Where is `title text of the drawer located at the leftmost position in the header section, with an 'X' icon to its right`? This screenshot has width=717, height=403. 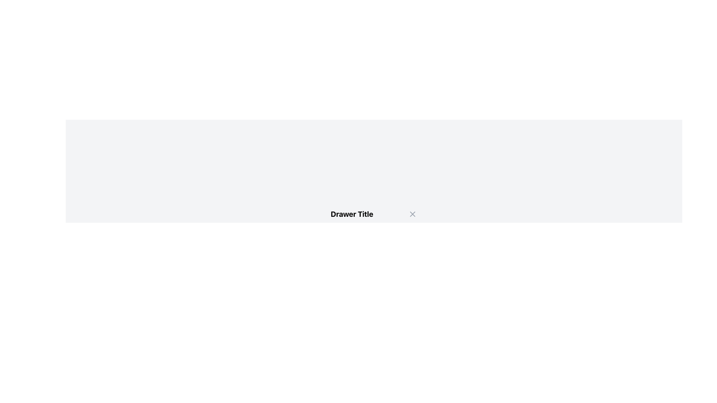
title text of the drawer located at the leftmost position in the header section, with an 'X' icon to its right is located at coordinates (351, 214).